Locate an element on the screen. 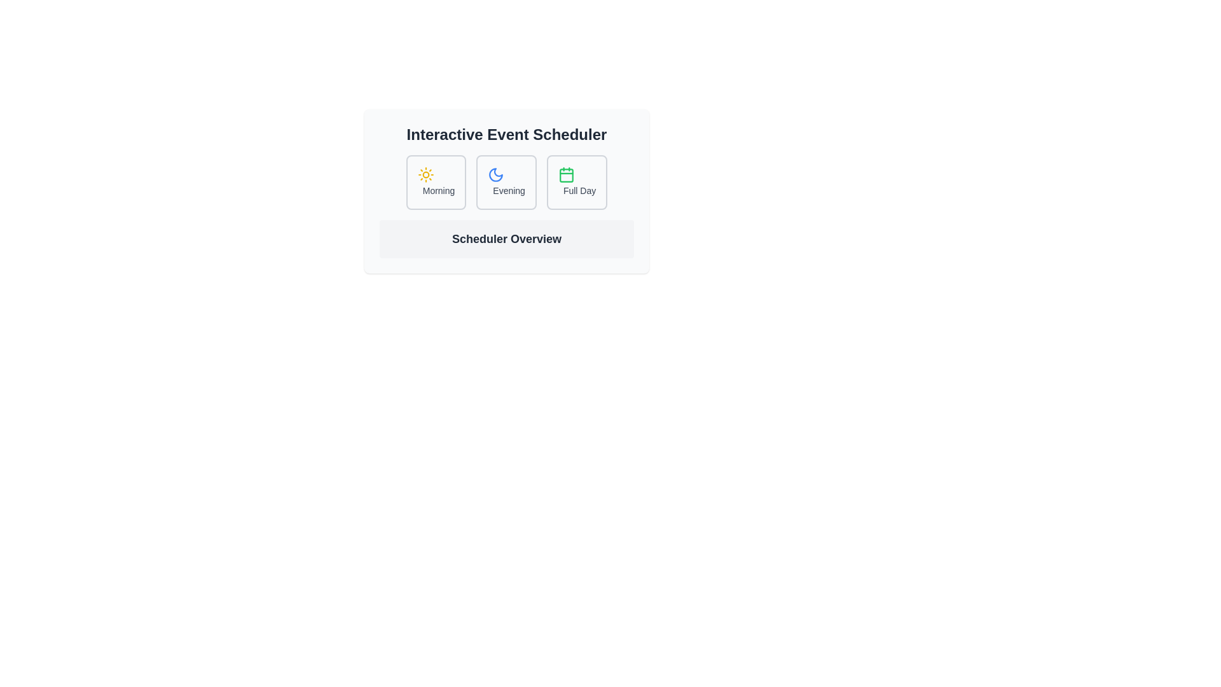 The height and width of the screenshot is (687, 1221). the crescent moon icon, which is the second icon from the left in the row of three icons under the 'Interactive Event Scheduler' title is located at coordinates (495, 174).